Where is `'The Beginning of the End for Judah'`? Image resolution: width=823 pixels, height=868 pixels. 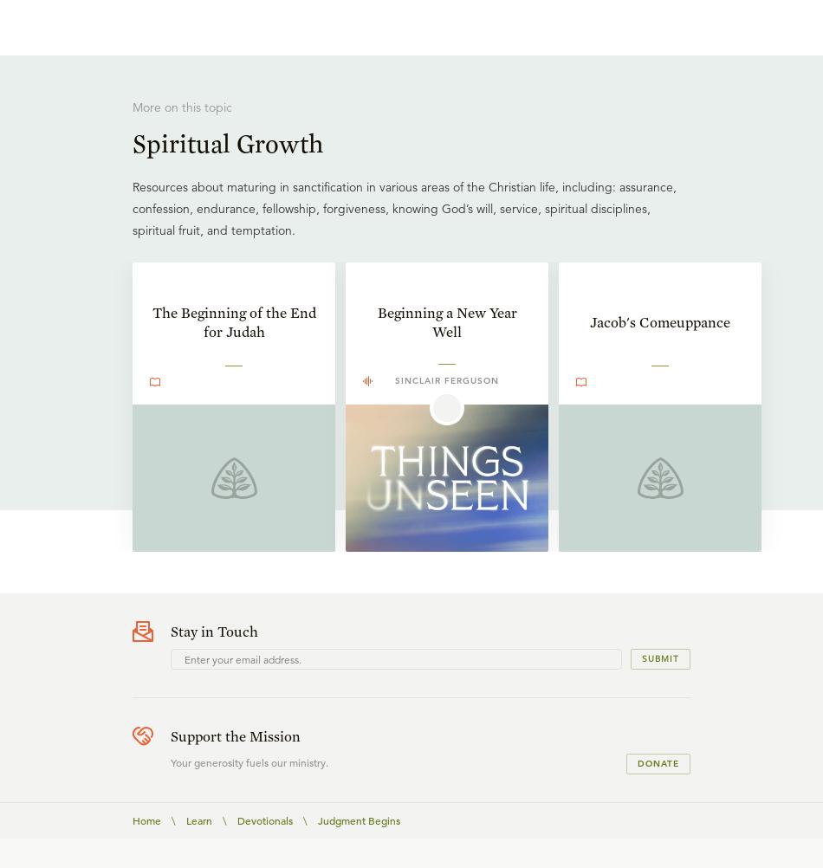
'The Beginning of the End for Judah' is located at coordinates (232, 322).